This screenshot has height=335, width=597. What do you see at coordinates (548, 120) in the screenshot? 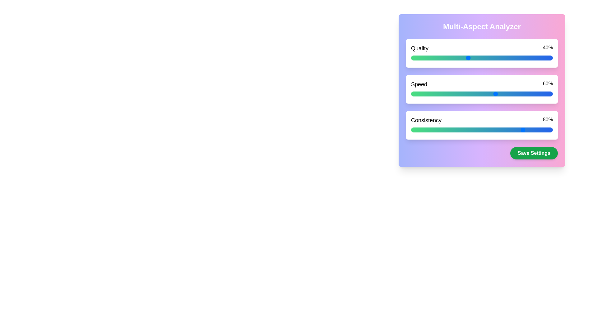
I see `the static text label displaying the percentage value for the 'Consistency' category located at the bottom section of the form` at bounding box center [548, 120].